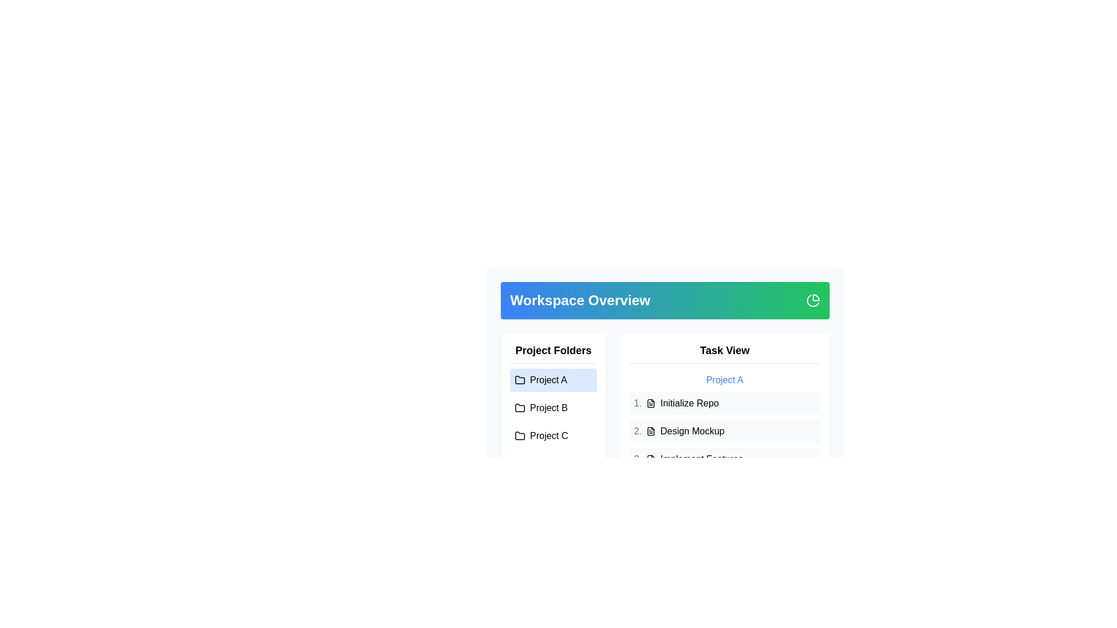 Image resolution: width=1117 pixels, height=628 pixels. Describe the element at coordinates (724, 352) in the screenshot. I see `text from the header that serves as the title for the 'Task View' section, positioned at the top-center of the panel above 'Project A'` at that location.